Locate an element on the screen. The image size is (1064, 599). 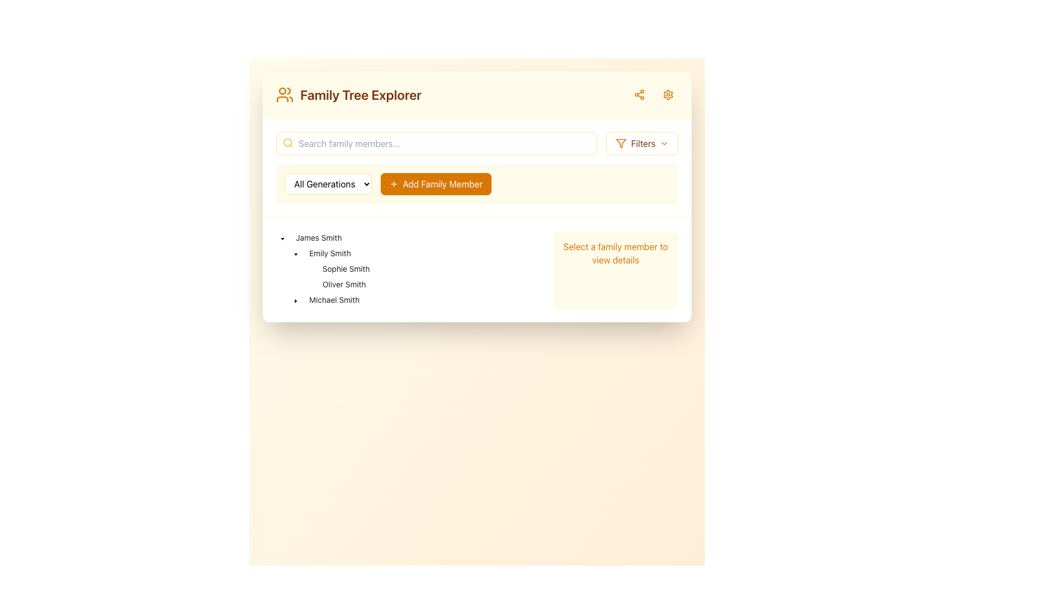
the toggle button for the tree node labeled 'Emily Smith' is located at coordinates (295, 255).